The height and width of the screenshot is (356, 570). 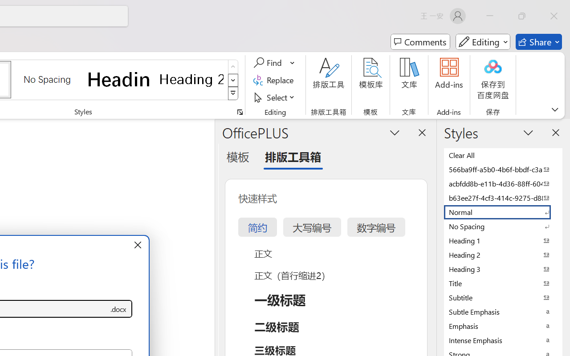 I want to click on 'Row Down', so click(x=233, y=80).